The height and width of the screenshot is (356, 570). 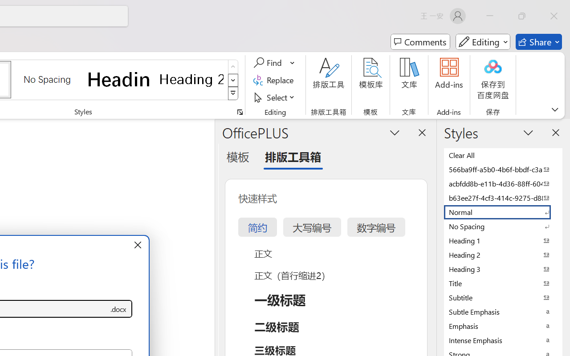 I want to click on 'Row Down', so click(x=233, y=80).